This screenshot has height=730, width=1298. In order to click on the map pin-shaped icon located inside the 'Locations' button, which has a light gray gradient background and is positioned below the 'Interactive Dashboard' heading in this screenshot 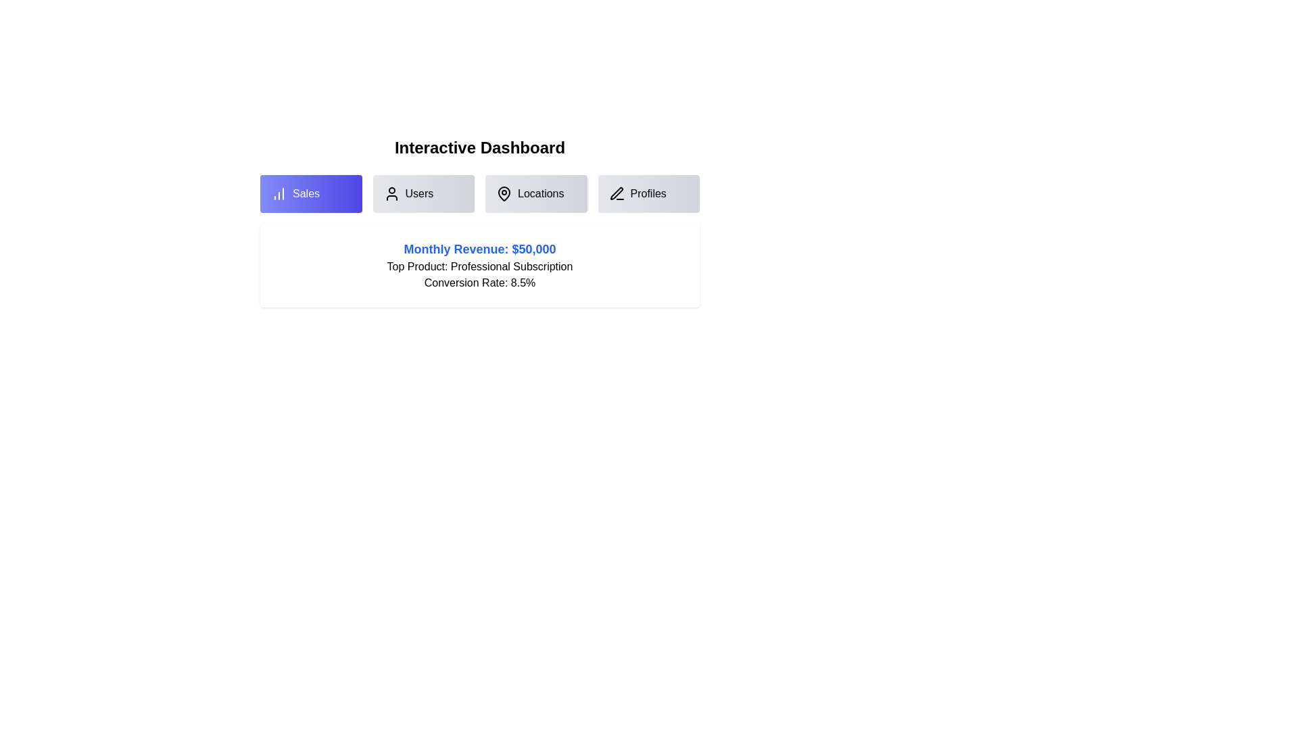, I will do `click(503, 193)`.